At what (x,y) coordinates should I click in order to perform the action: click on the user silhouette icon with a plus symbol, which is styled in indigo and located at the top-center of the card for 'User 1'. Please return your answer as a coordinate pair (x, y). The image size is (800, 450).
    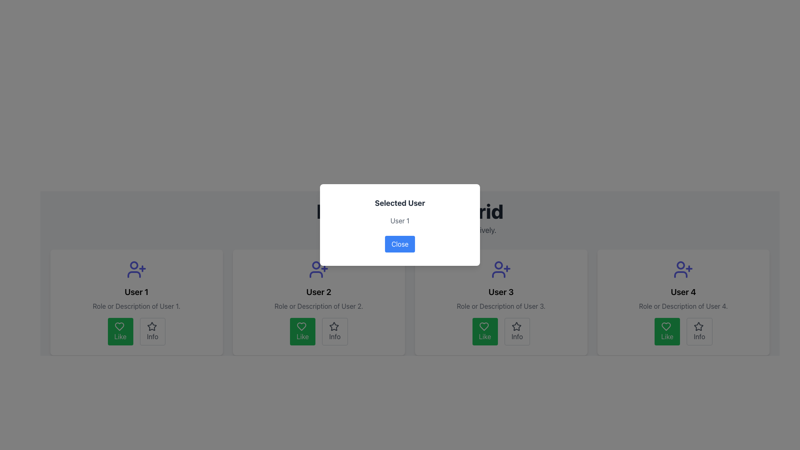
    Looking at the image, I should click on (136, 270).